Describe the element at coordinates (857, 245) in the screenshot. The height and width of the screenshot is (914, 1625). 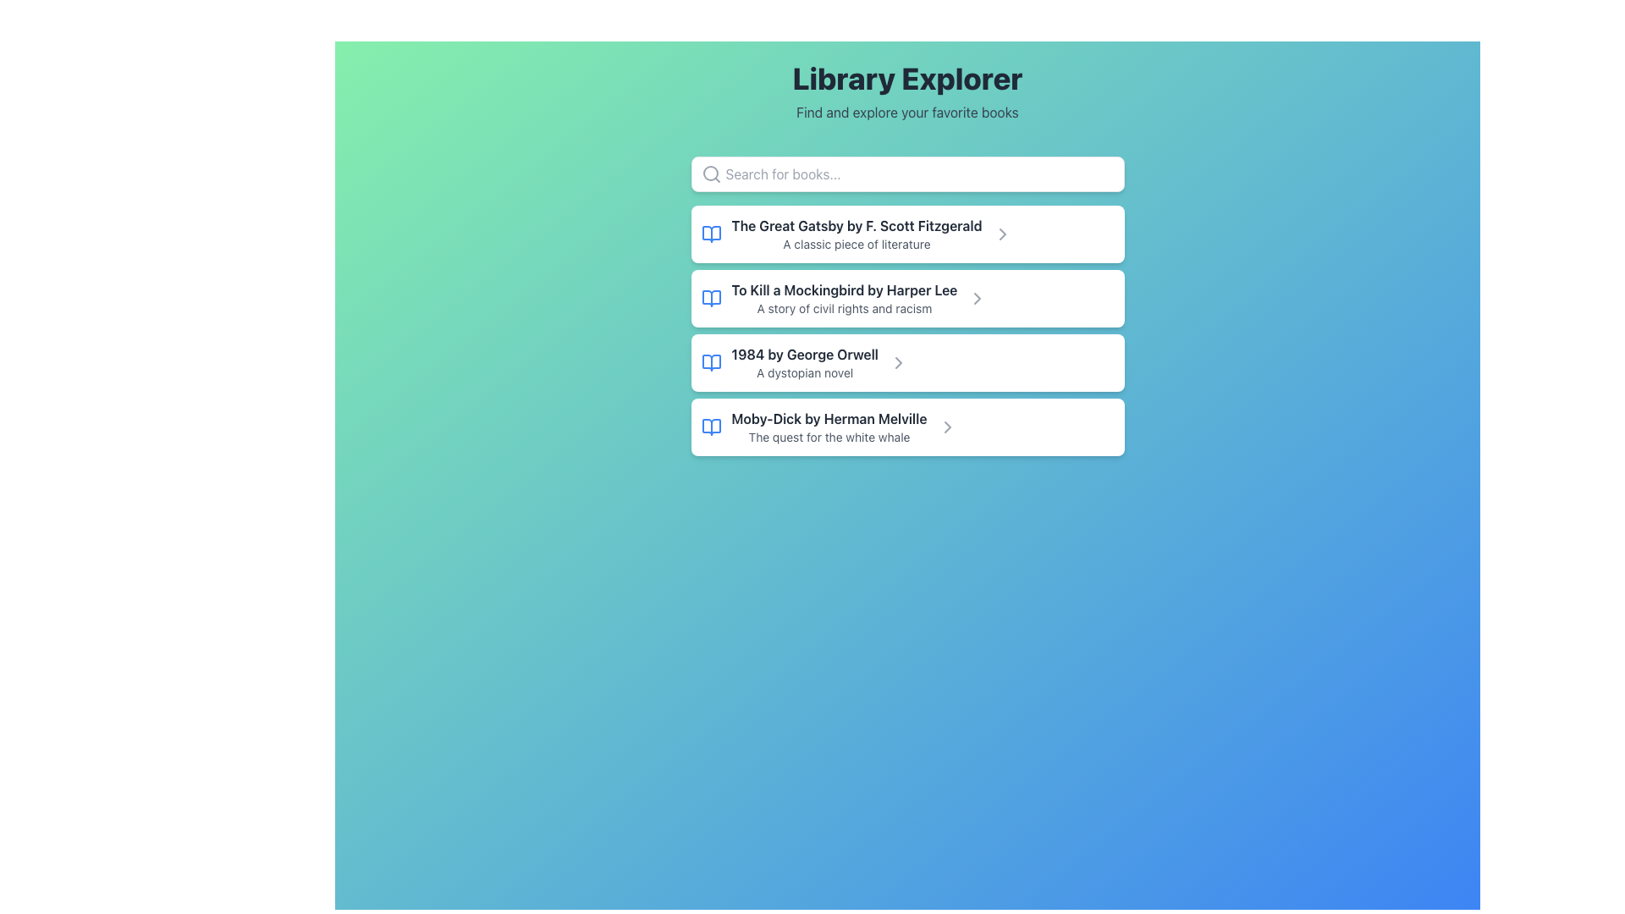
I see `the text snippet reading 'A classic piece of literature' located under the title 'The Great Gatsby by F. Scott Fitzgerald' in the first card of the vertically arranged list of books in the 'Library Explorer' interface` at that location.